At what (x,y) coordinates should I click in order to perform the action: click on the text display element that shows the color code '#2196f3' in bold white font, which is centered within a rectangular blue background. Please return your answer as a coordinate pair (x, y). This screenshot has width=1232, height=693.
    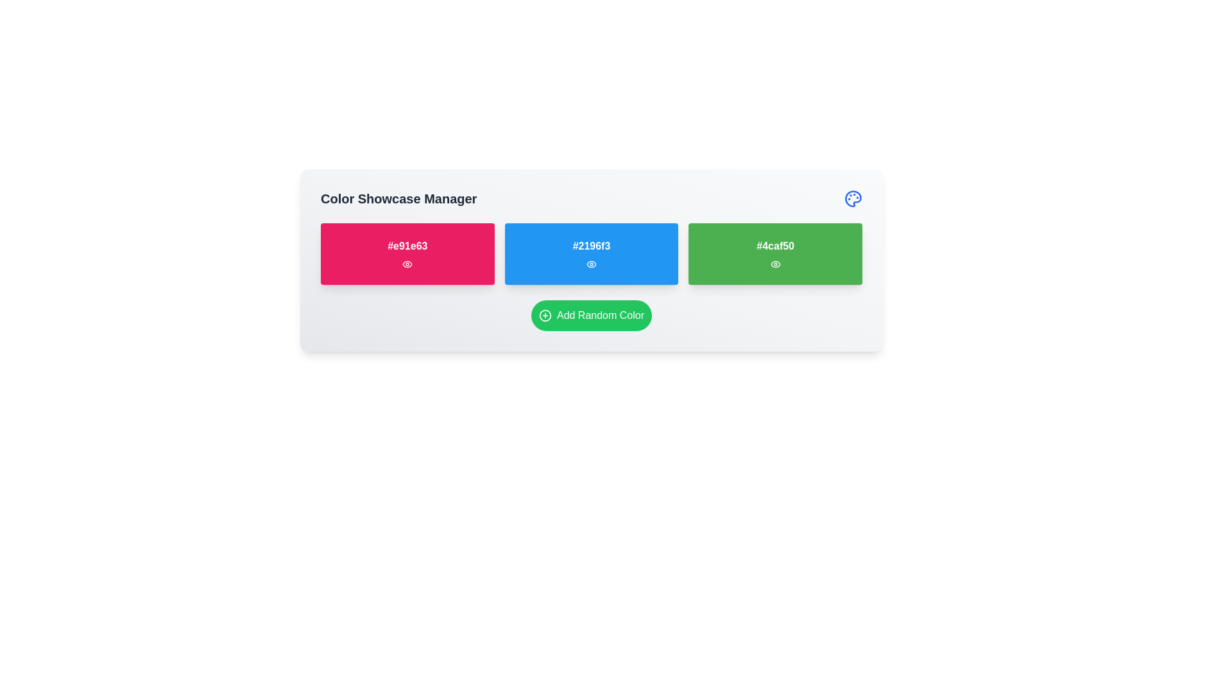
    Looking at the image, I should click on (590, 246).